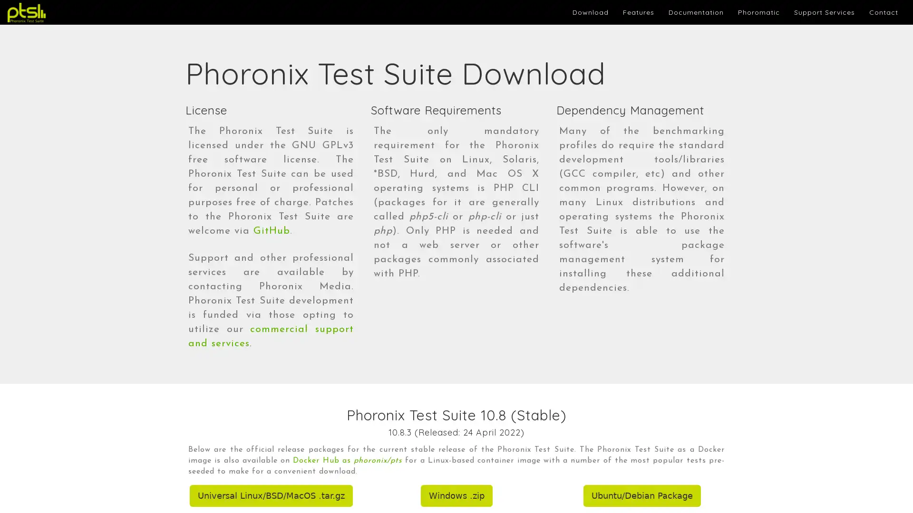  What do you see at coordinates (641, 495) in the screenshot?
I see `Ubuntu/Debian Package` at bounding box center [641, 495].